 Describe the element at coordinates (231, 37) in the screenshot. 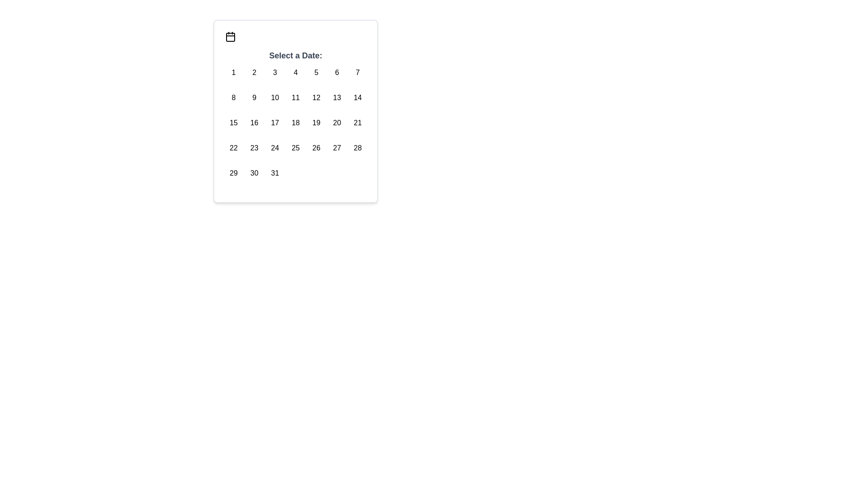

I see `the small rectangle with rounded edges inside the top-left corner of the calendar icon` at that location.